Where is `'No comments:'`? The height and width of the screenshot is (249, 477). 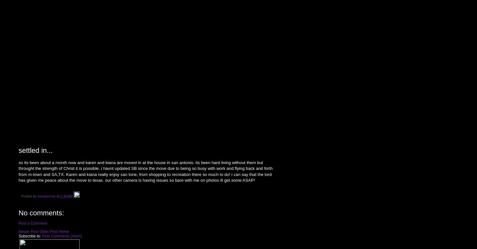
'No comments:' is located at coordinates (18, 212).